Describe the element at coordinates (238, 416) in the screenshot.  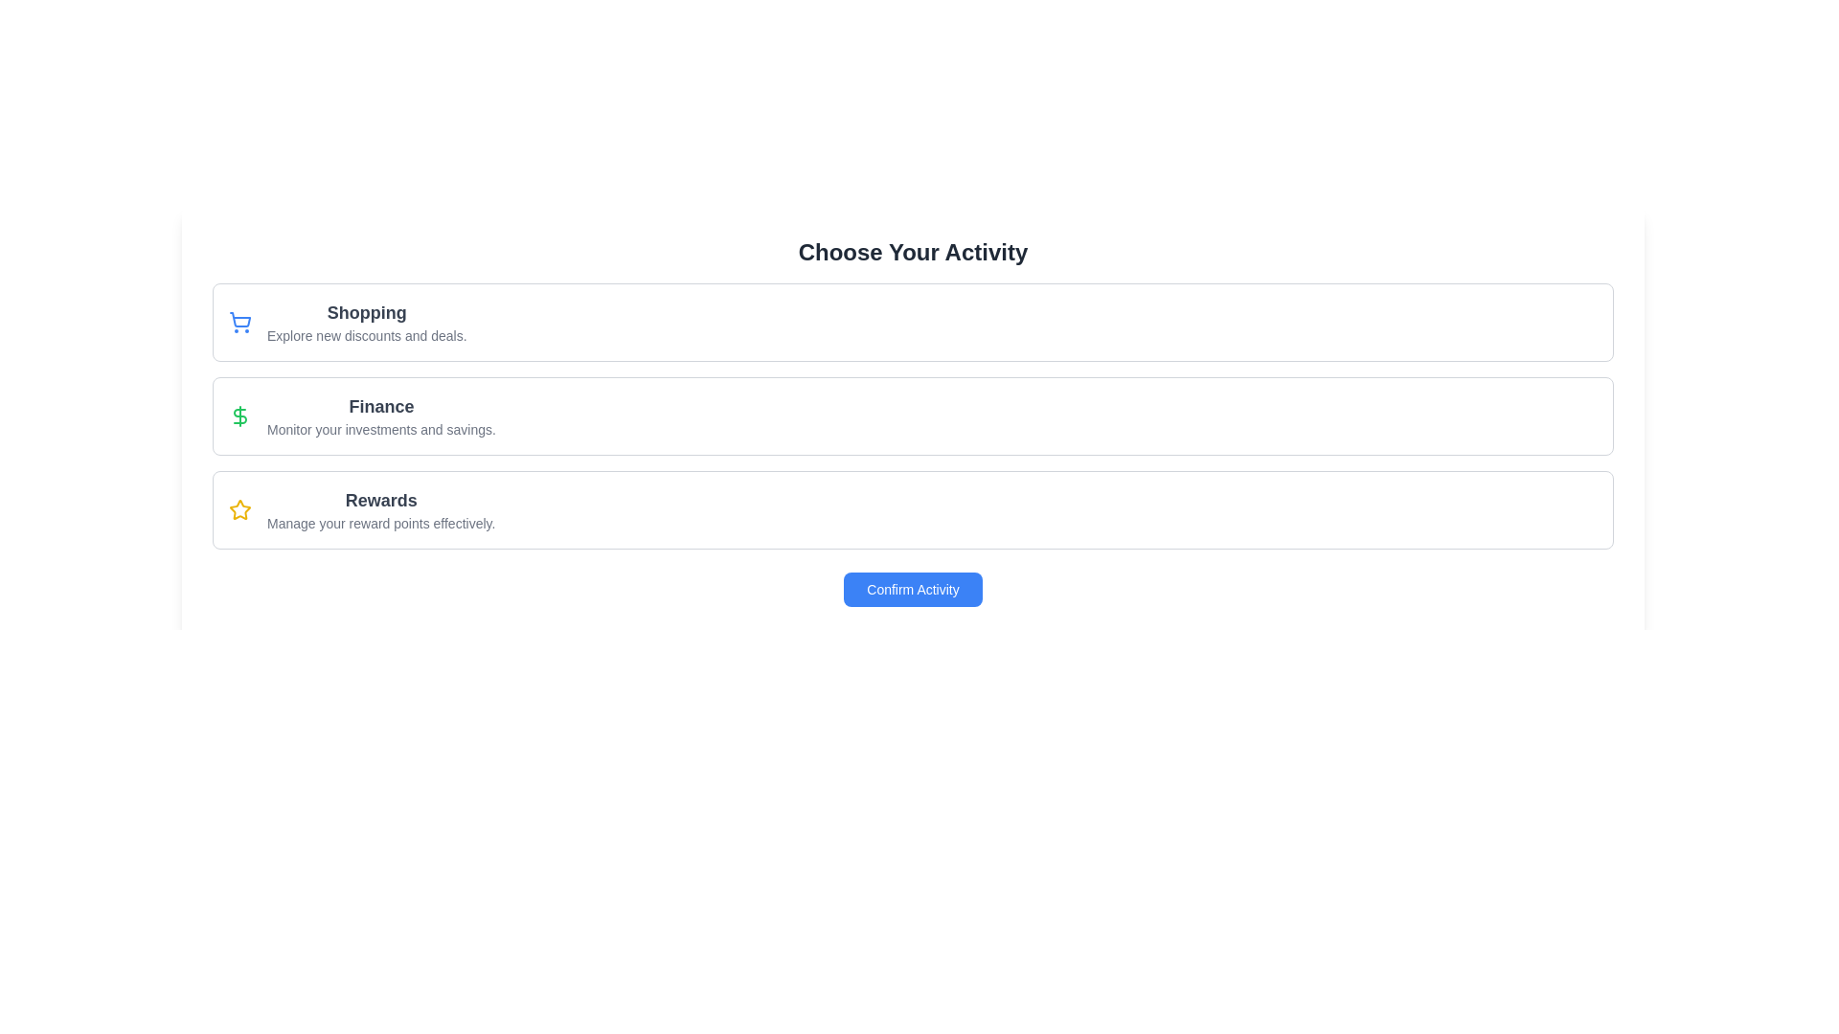
I see `the financial icon located to the left of the text 'Finance' within the middle option of the list for accessibility purposes` at that location.